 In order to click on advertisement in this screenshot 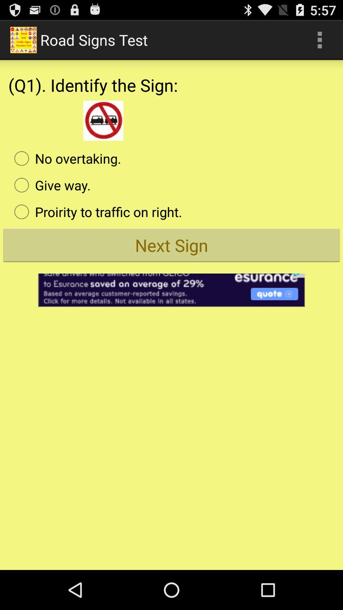, I will do `click(171, 286)`.